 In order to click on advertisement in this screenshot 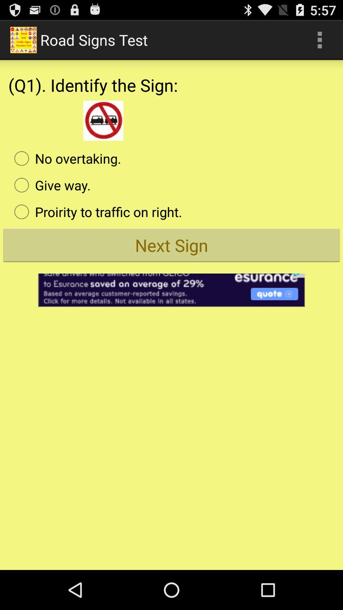, I will do `click(171, 286)`.